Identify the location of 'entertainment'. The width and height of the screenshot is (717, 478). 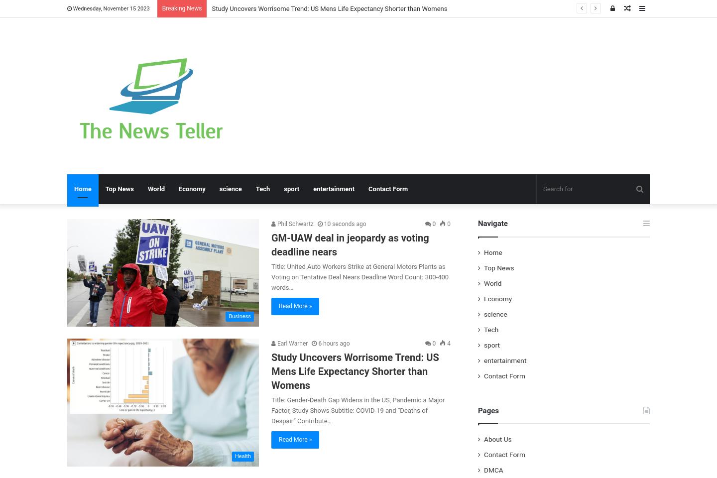
(504, 359).